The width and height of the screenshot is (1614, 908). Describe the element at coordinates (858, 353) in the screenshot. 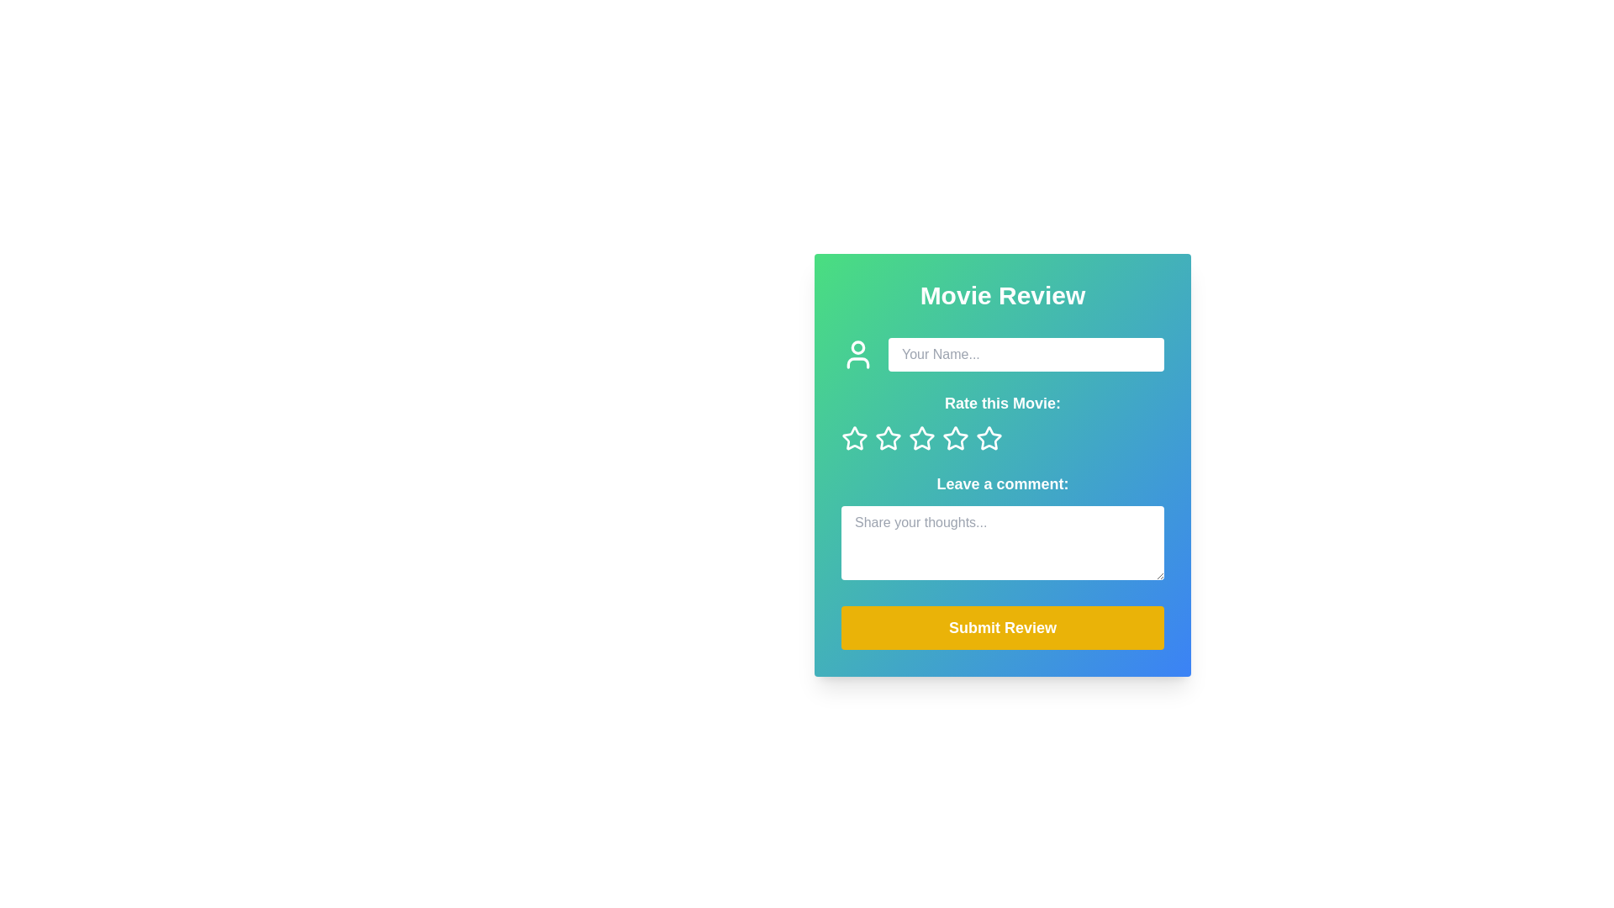

I see `the decorative user icon located on the left side of the form, preceding the text input field labeled 'Your Name...'` at that location.